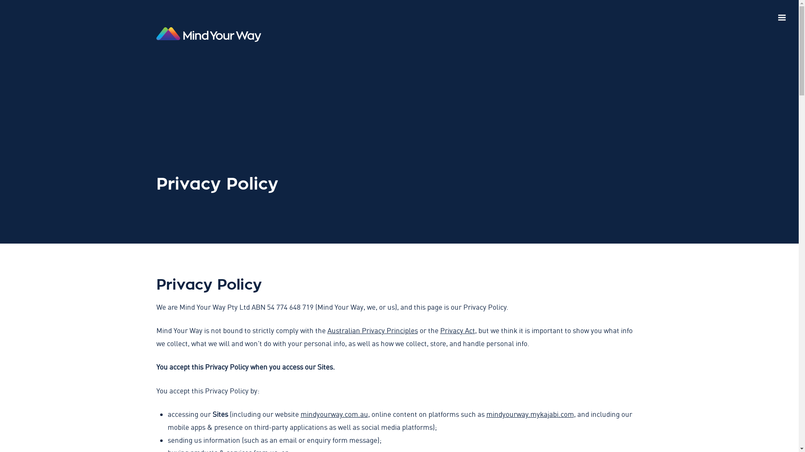  I want to click on 'Australian Privacy Principles', so click(372, 330).